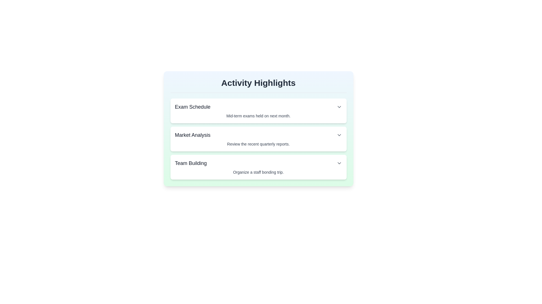 Image resolution: width=542 pixels, height=304 pixels. Describe the element at coordinates (339, 135) in the screenshot. I see `the dropdown icon of the item titled 'Market Analysis' to toggle its details` at that location.